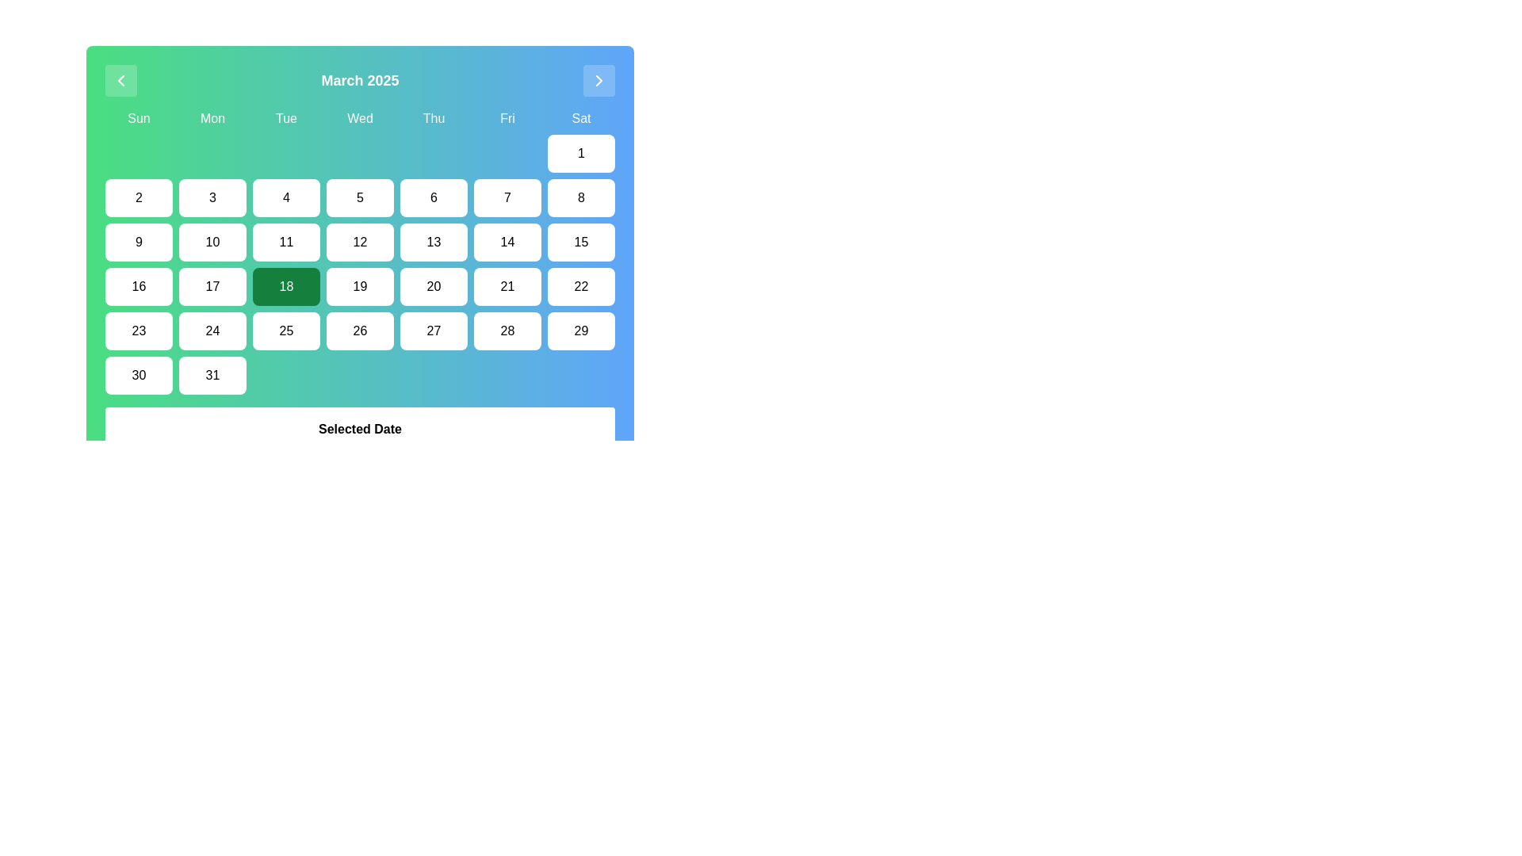 The width and height of the screenshot is (1522, 856). Describe the element at coordinates (507, 330) in the screenshot. I see `the button representing the selectable date '28' in the calendar interface` at that location.